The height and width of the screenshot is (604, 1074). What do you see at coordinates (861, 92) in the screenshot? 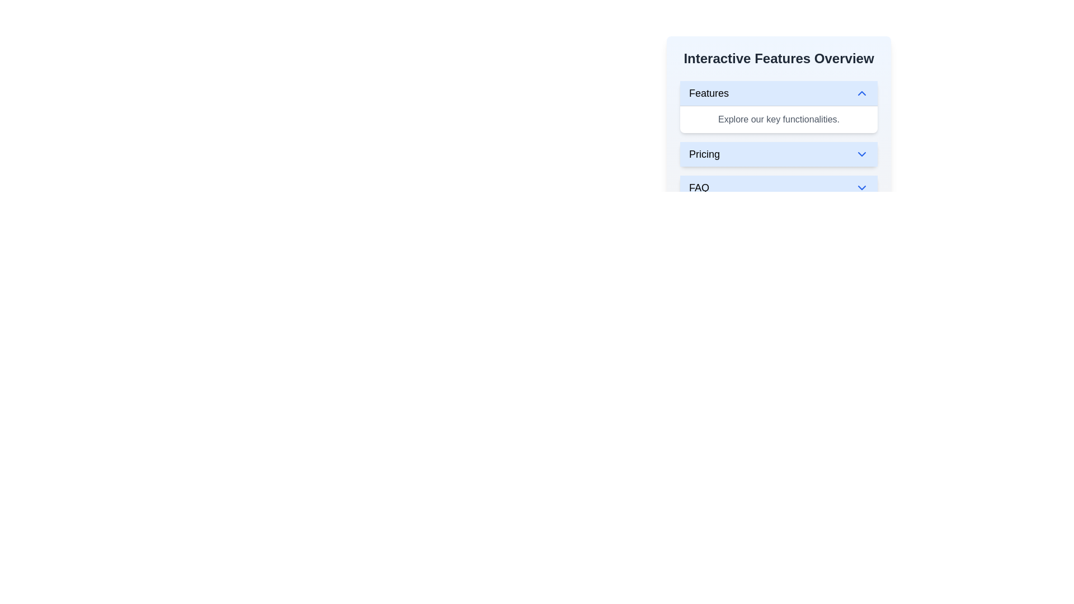
I see `the chevron icon located to the far right of the 'Features' section header` at bounding box center [861, 92].